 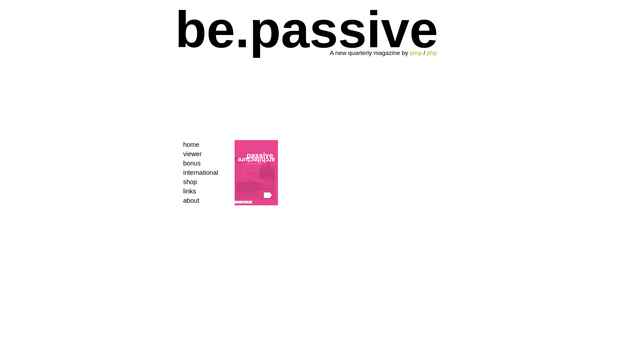 What do you see at coordinates (199, 172) in the screenshot?
I see `'international'` at bounding box center [199, 172].